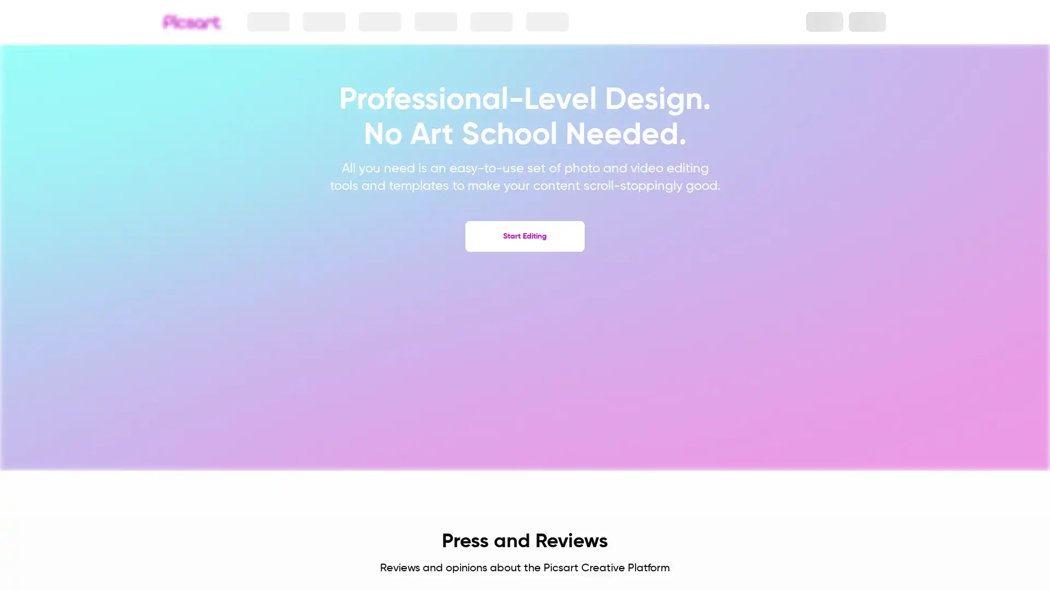 This screenshot has height=591, width=1050. I want to click on Sign Up, so click(866, 21).